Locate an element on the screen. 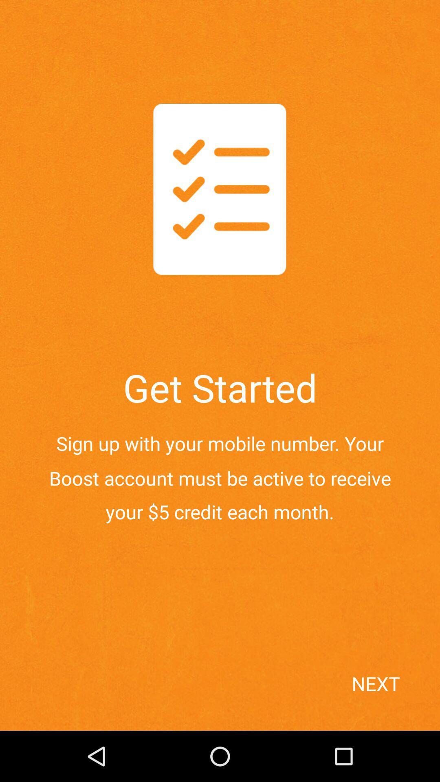 The image size is (440, 782). button at the bottom right corner is located at coordinates (392, 698).